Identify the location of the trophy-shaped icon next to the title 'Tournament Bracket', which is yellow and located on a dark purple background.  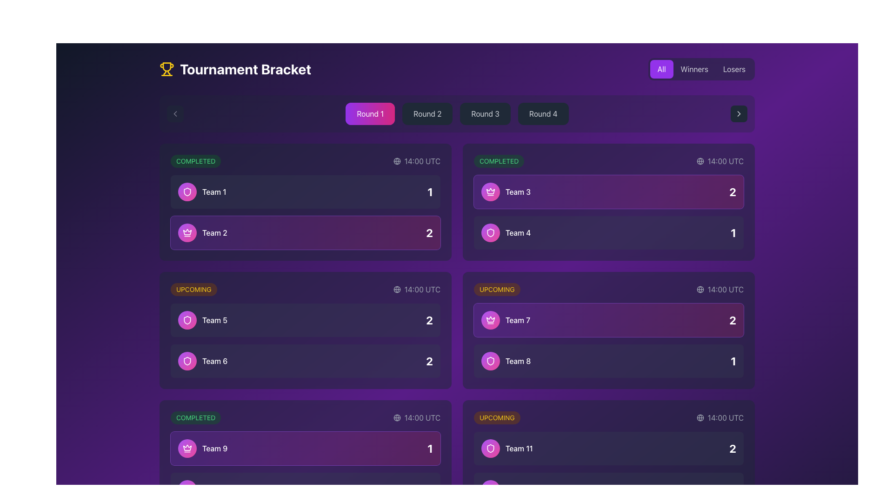
(167, 69).